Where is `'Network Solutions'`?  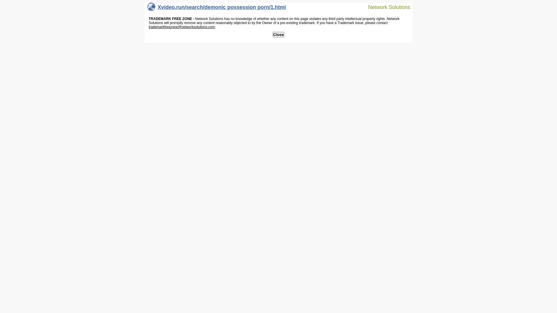
'Network Solutions' is located at coordinates (386, 7).